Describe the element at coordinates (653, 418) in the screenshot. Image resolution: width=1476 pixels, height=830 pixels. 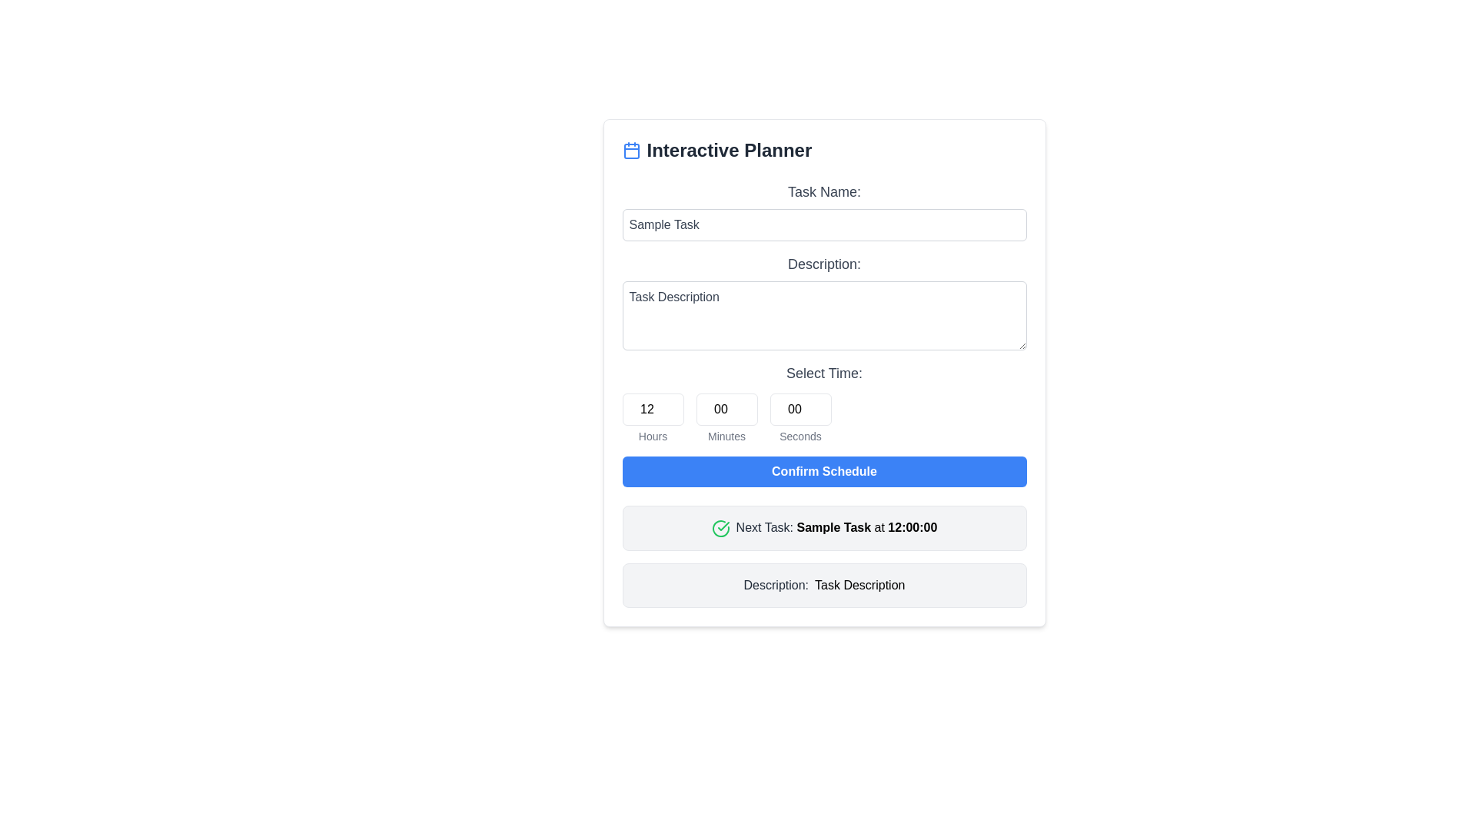
I see `the leftmost Numeric Input Field labeled 'Hours' to focus on the input for setting the hour component of a specific time` at that location.